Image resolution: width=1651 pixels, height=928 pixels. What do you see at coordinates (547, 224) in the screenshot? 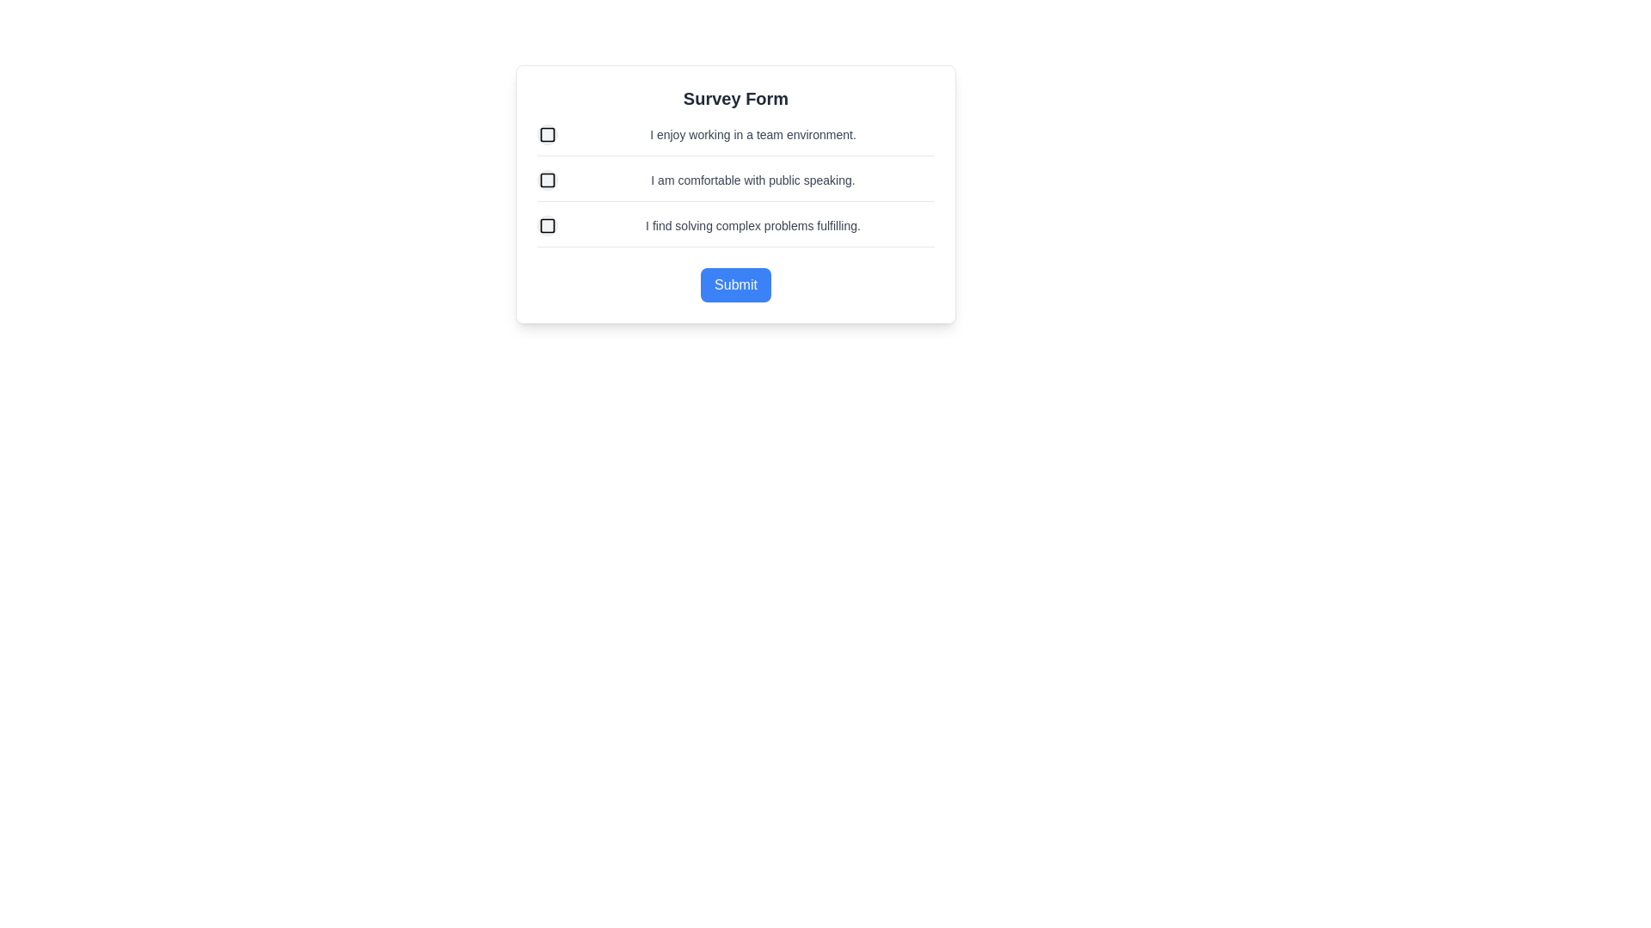
I see `the checkbox located` at bounding box center [547, 224].